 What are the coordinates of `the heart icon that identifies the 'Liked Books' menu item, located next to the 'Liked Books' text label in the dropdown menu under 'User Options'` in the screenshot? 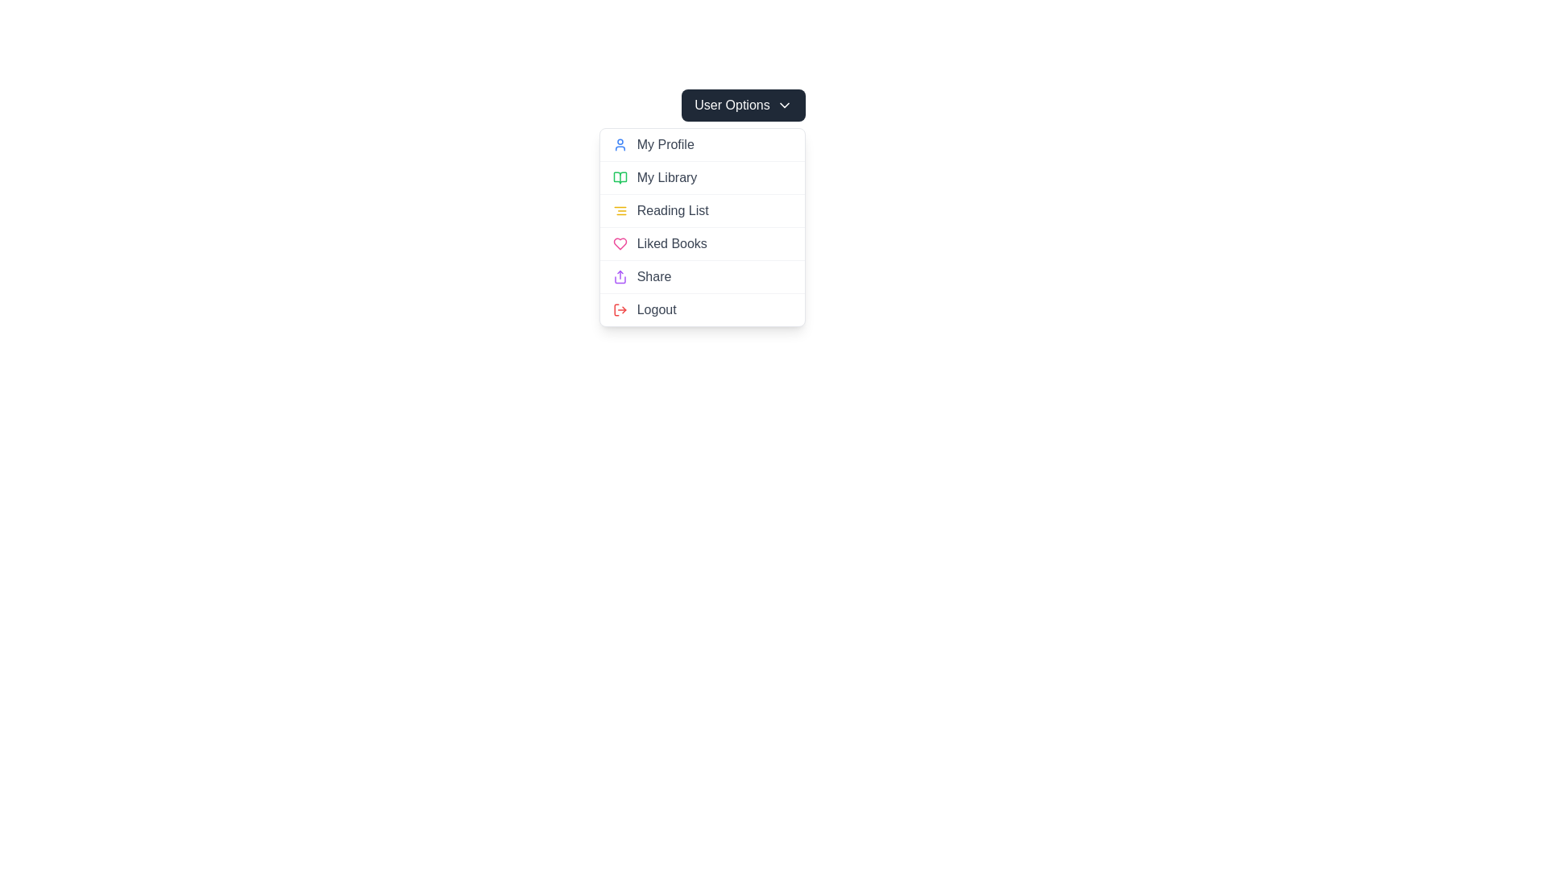 It's located at (619, 244).